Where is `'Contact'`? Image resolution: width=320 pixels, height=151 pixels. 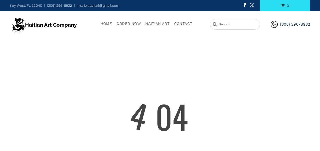
'Contact' is located at coordinates (183, 23).